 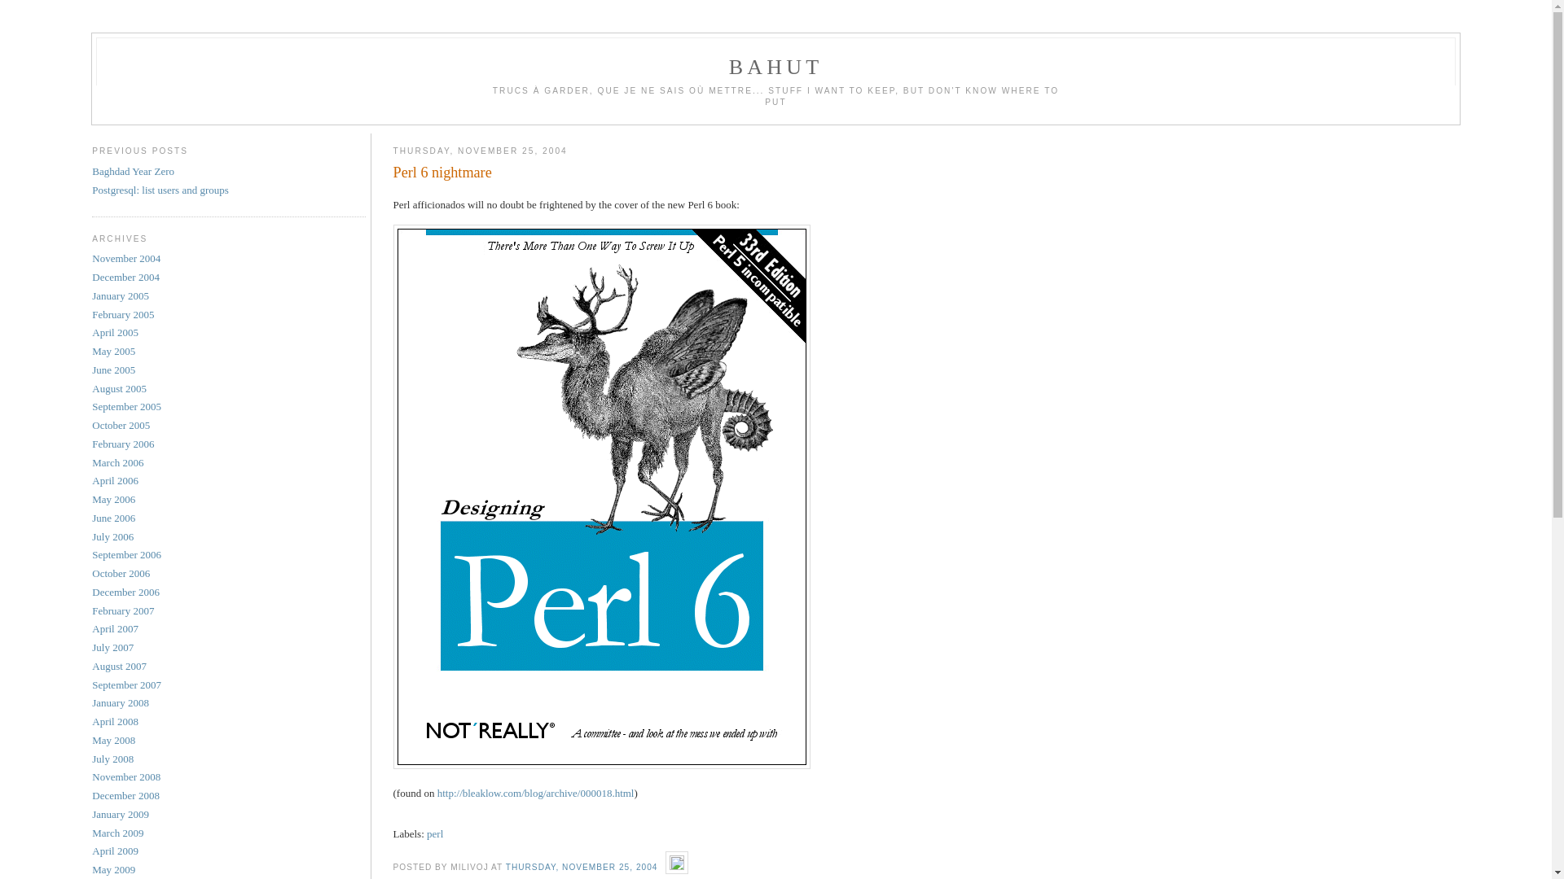 What do you see at coordinates (120, 295) in the screenshot?
I see `'January 2005'` at bounding box center [120, 295].